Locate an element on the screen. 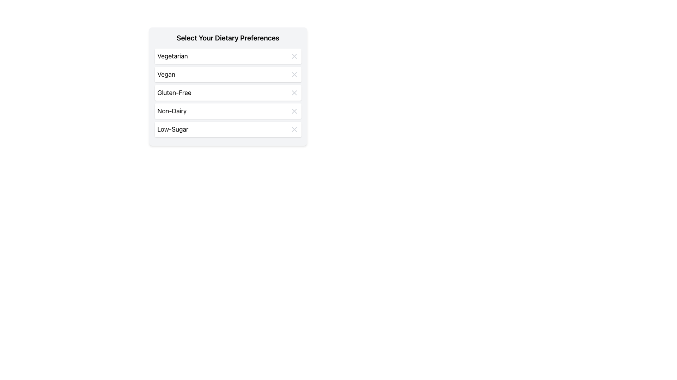 This screenshot has width=677, height=380. the 'Non-Dairy' list item is located at coordinates (228, 111).